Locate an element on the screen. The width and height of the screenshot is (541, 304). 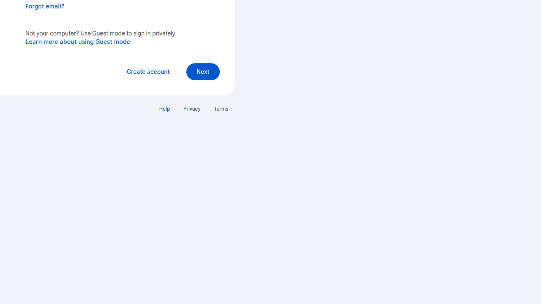
'Privacy' is located at coordinates (191, 108).